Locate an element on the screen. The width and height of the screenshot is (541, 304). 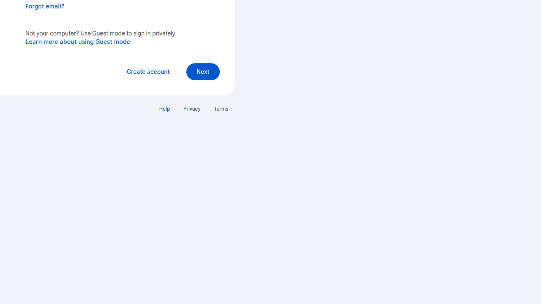
'Privacy' is located at coordinates (191, 108).